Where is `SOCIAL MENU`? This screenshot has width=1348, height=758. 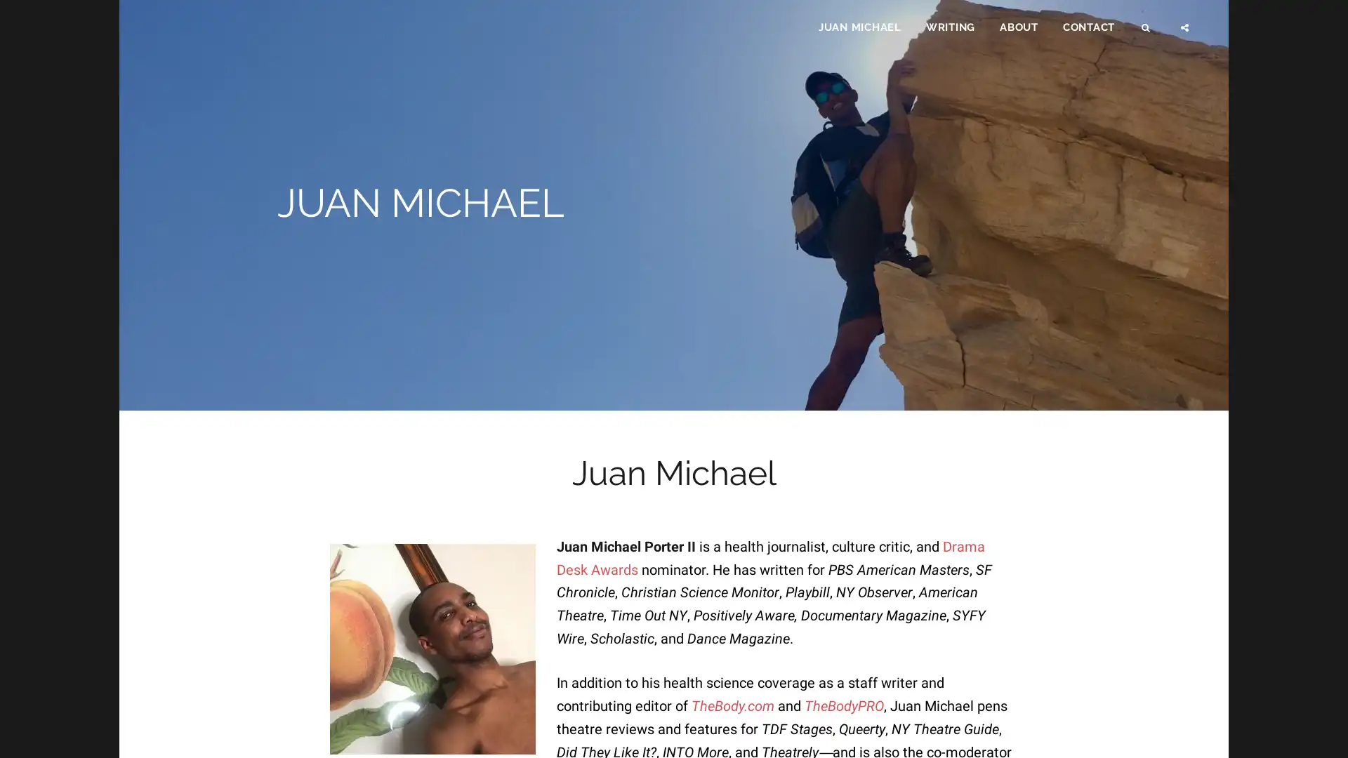
SOCIAL MENU is located at coordinates (1185, 32).